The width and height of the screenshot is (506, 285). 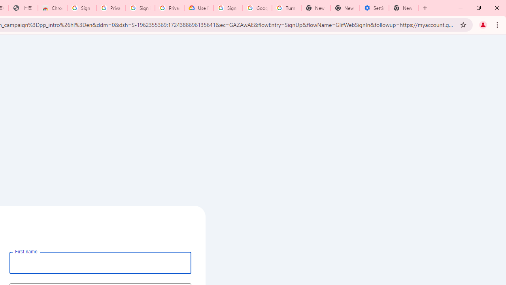 What do you see at coordinates (257, 8) in the screenshot?
I see `'Google Account Help'` at bounding box center [257, 8].